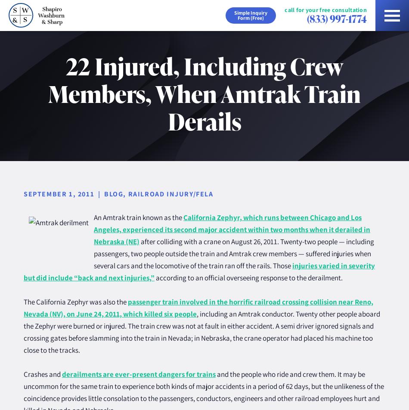 The width and height of the screenshot is (409, 410). What do you see at coordinates (307, 18) in the screenshot?
I see `'(833) 997-1774'` at bounding box center [307, 18].